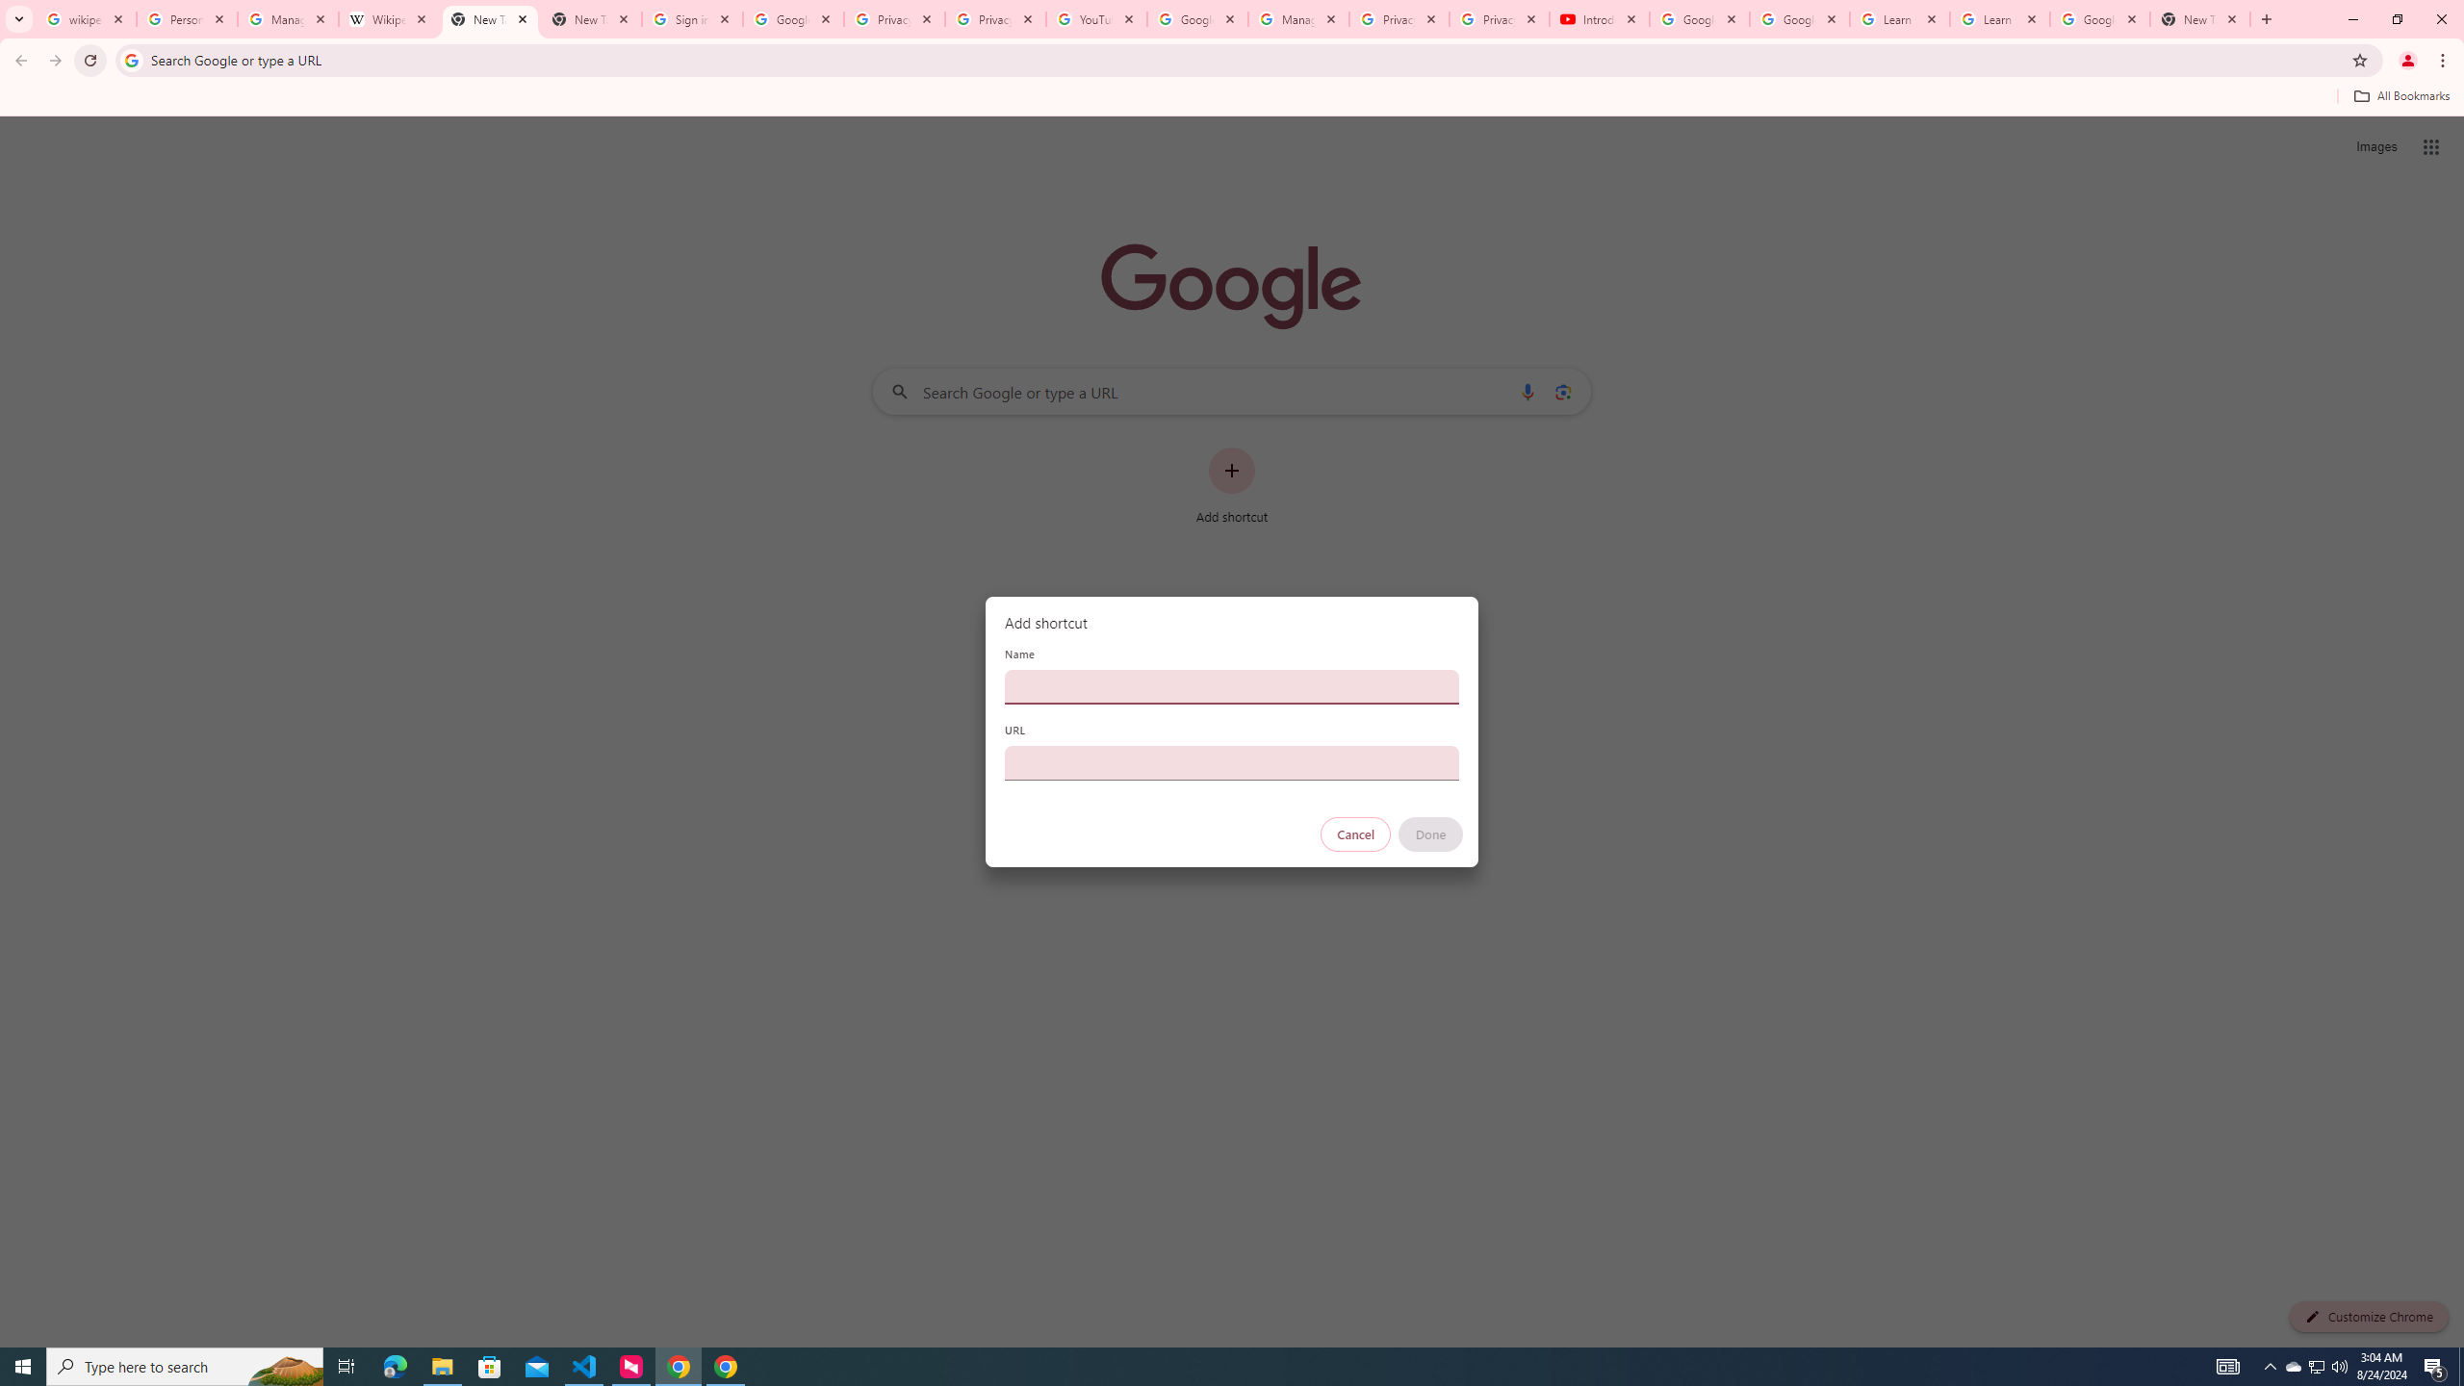 Image resolution: width=2464 pixels, height=1386 pixels. Describe the element at coordinates (2099, 18) in the screenshot. I see `'Google Account'` at that location.